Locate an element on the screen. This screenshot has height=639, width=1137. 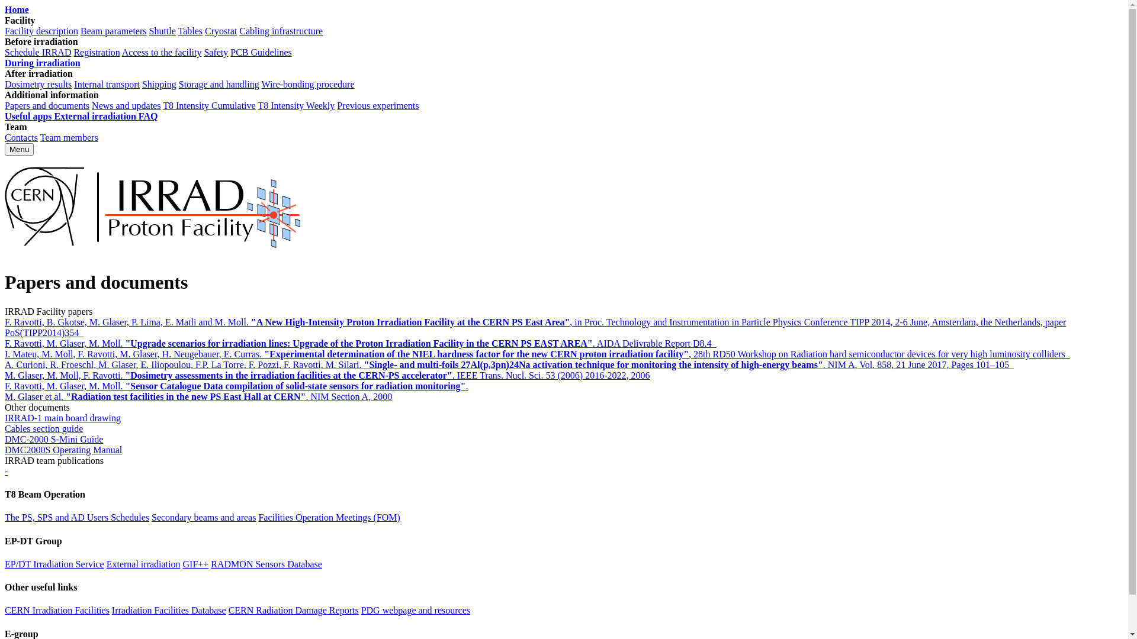
'DMC2000S Operating Manual' is located at coordinates (62, 450).